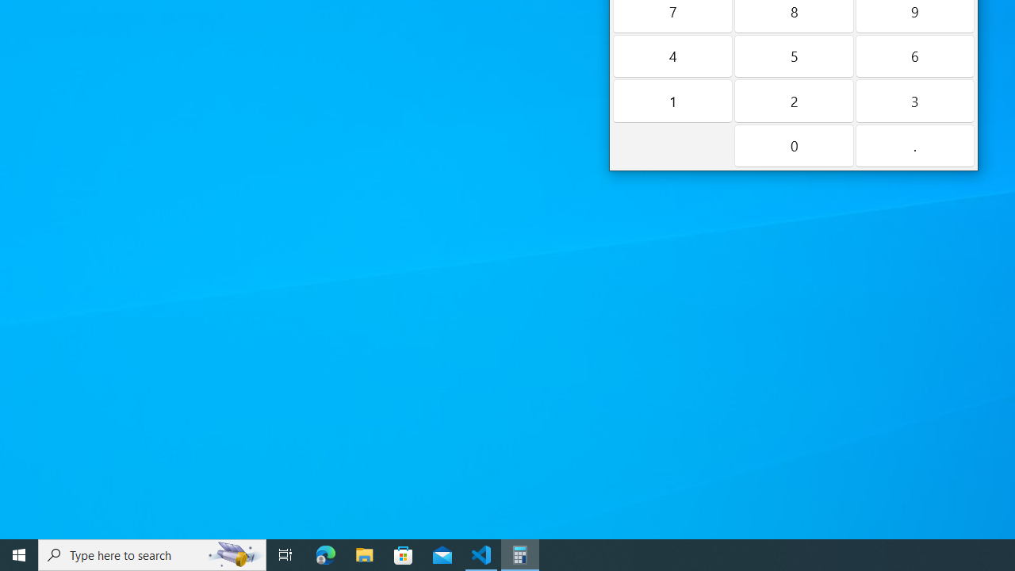  What do you see at coordinates (914, 145) in the screenshot?
I see `'Decimal separator'` at bounding box center [914, 145].